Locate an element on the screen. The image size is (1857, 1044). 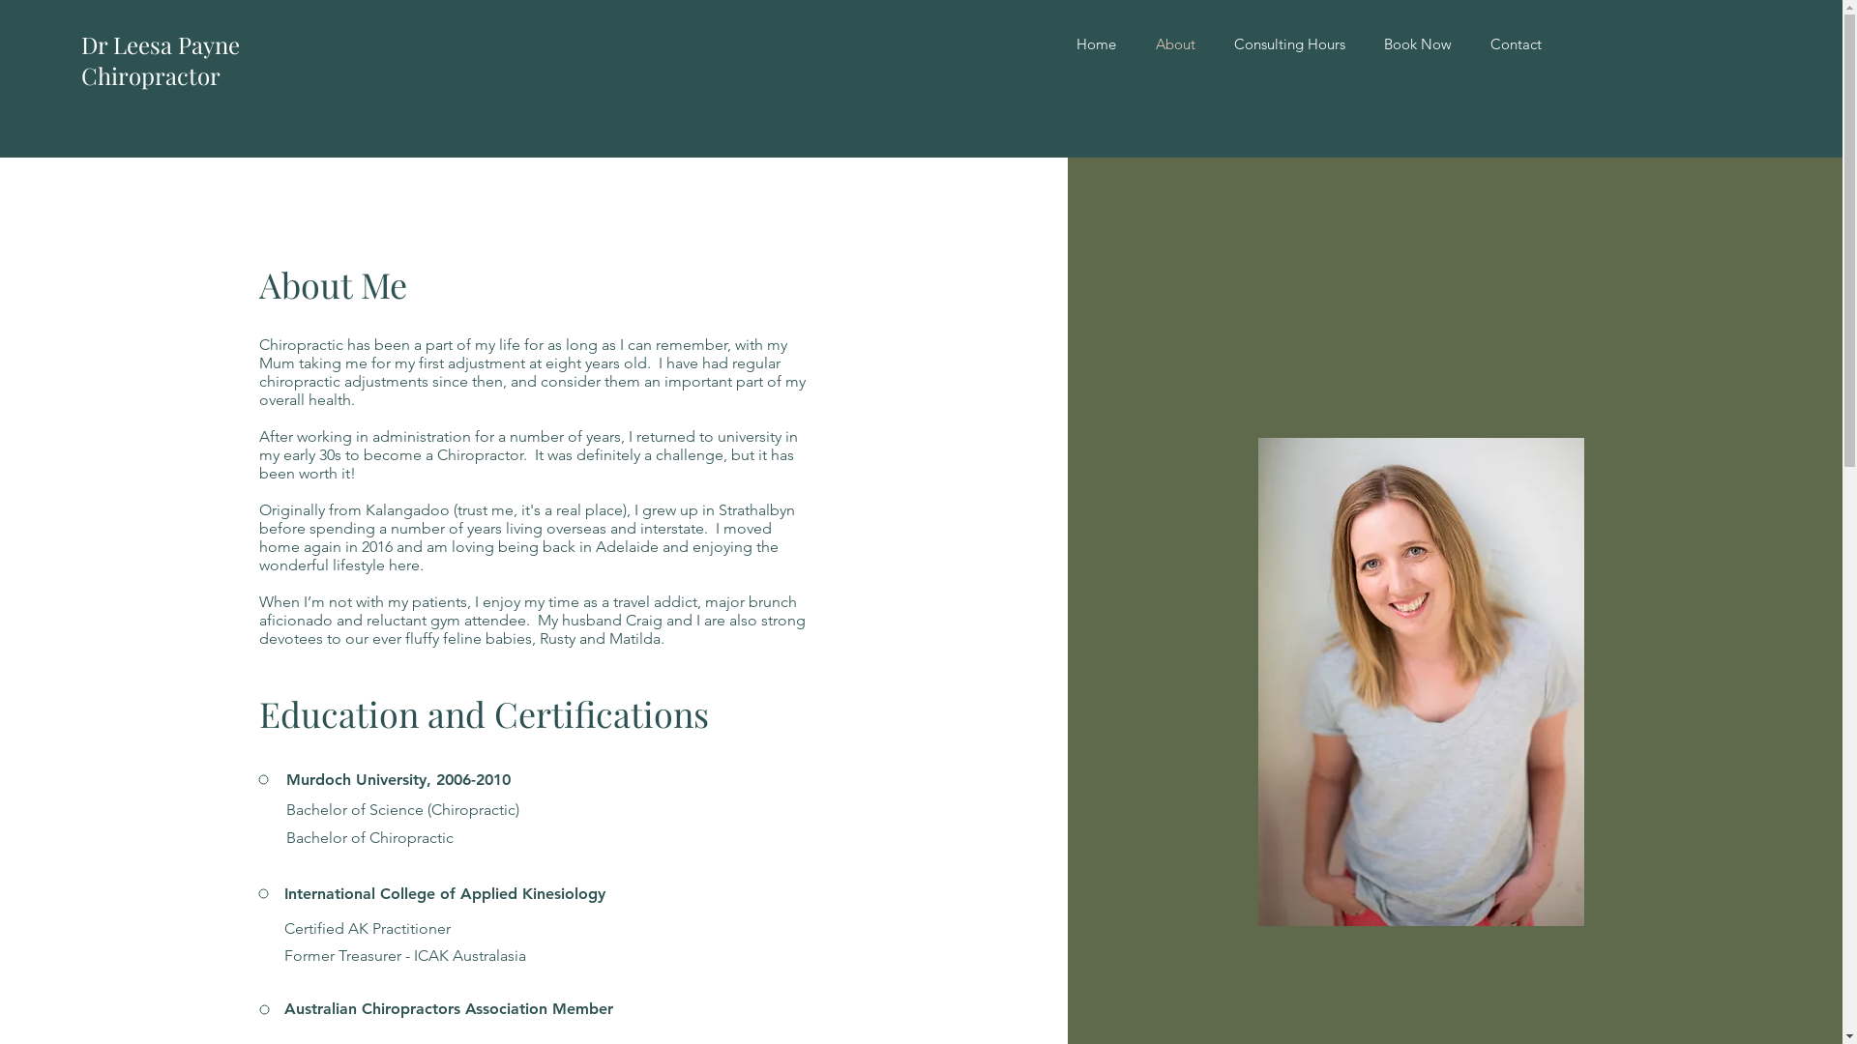
'Home' is located at coordinates (1095, 43).